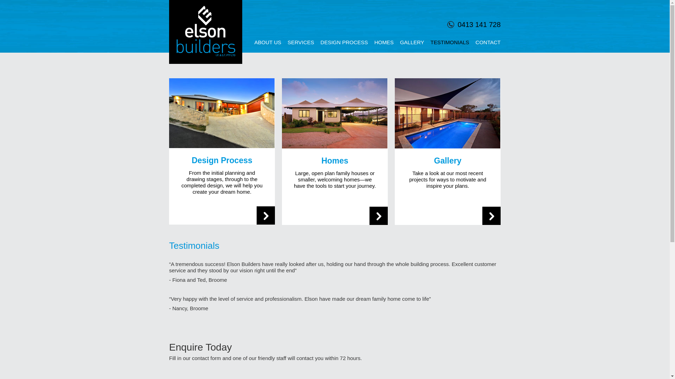  What do you see at coordinates (450, 42) in the screenshot?
I see `'TESTIMONIALS'` at bounding box center [450, 42].